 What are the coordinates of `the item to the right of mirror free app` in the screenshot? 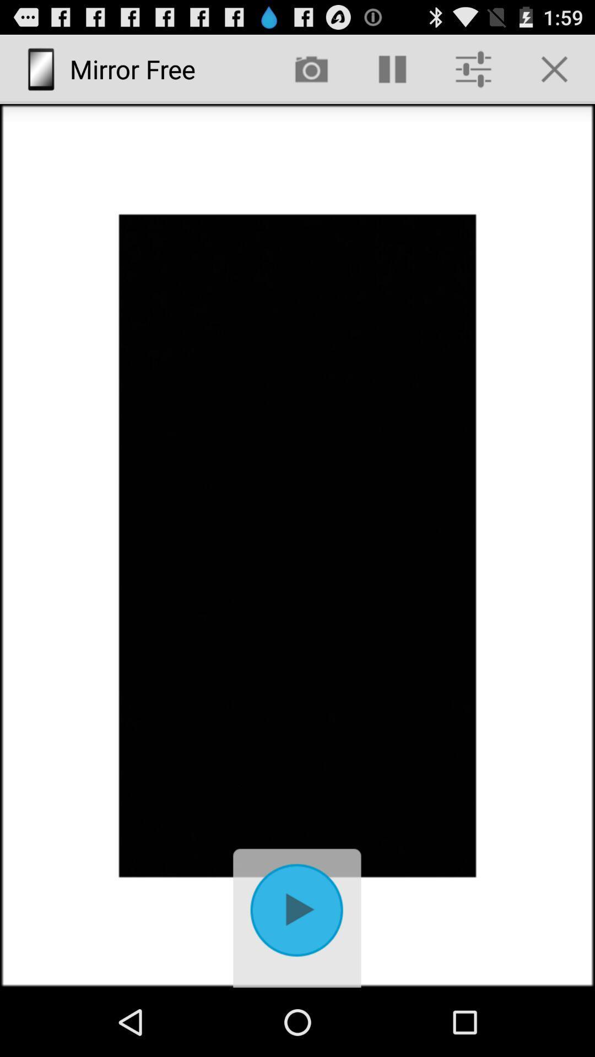 It's located at (311, 68).